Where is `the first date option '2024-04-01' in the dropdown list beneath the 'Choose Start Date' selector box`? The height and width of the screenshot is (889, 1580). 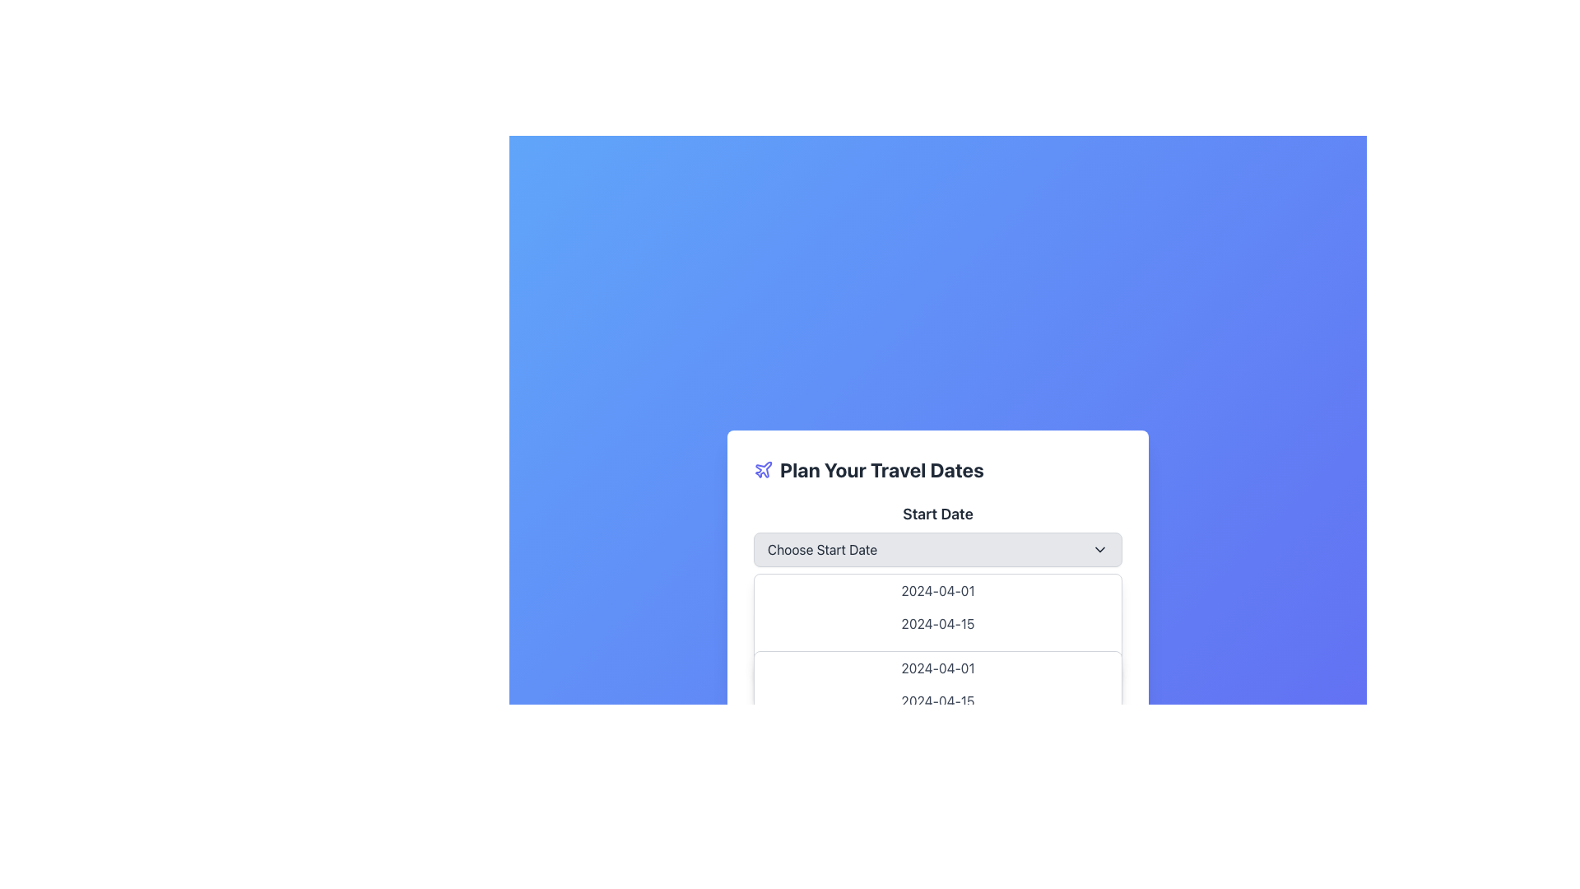
the first date option '2024-04-01' in the dropdown list beneath the 'Choose Start Date' selector box is located at coordinates (938, 589).